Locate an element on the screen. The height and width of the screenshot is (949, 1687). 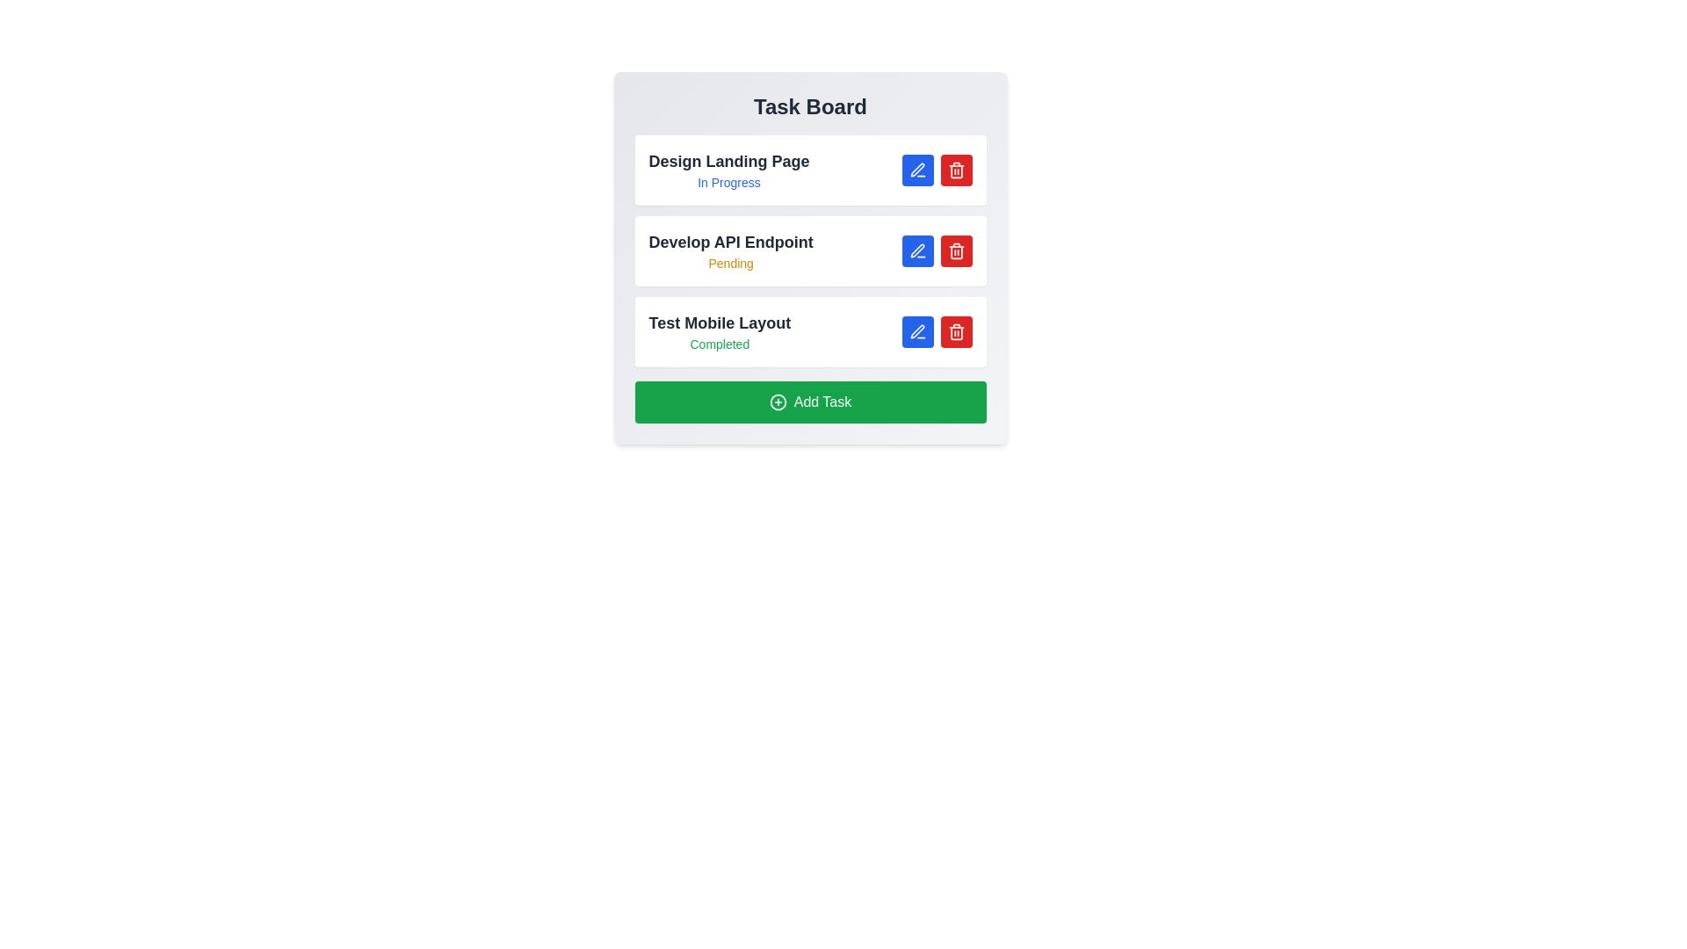
delete button next to the task Design Landing Page to remove it from the task list is located at coordinates (955, 170).